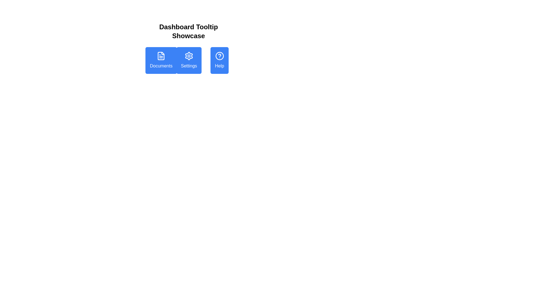  I want to click on the 'Documents' button that contains a minimalist document icon, which is the first button from the left in a row of three buttons, so click(161, 56).